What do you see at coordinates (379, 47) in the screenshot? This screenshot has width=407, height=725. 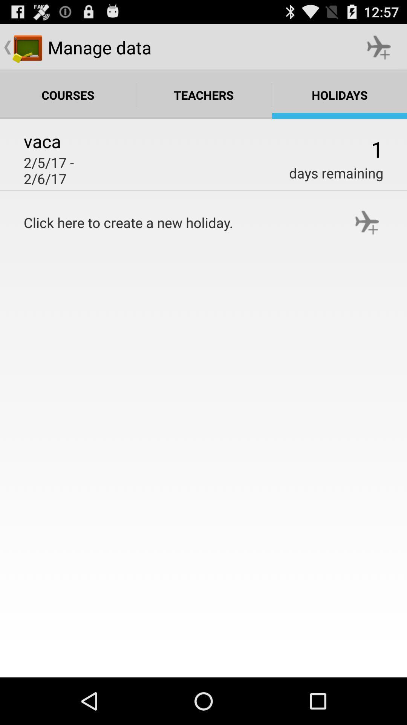 I see `the icon next to manage data icon` at bounding box center [379, 47].